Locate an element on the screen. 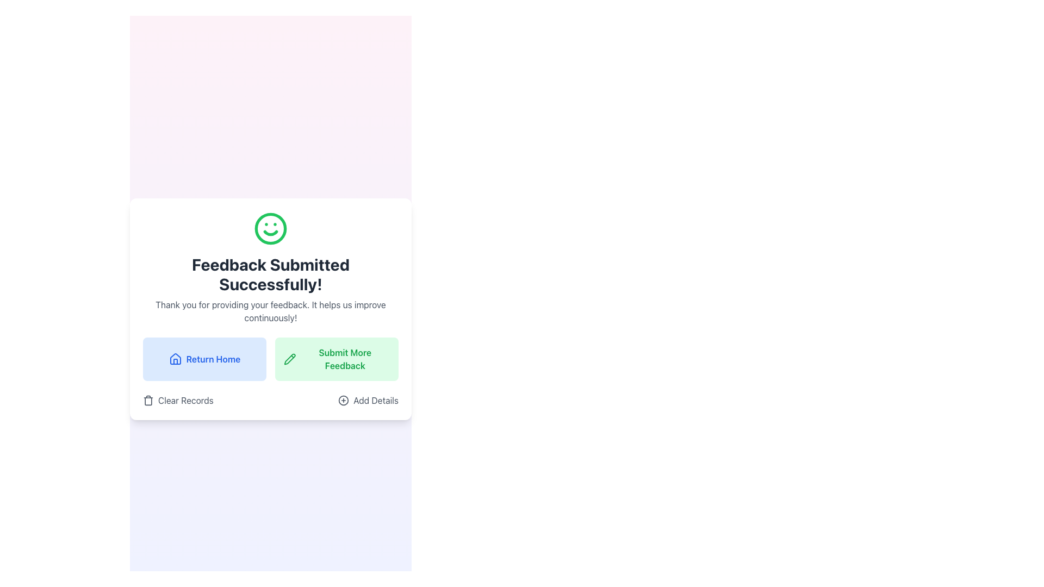 Image resolution: width=1044 pixels, height=587 pixels. either the 'Return Home' or 'Submit More Feedback' button in the two-column grid layout is located at coordinates (271, 359).